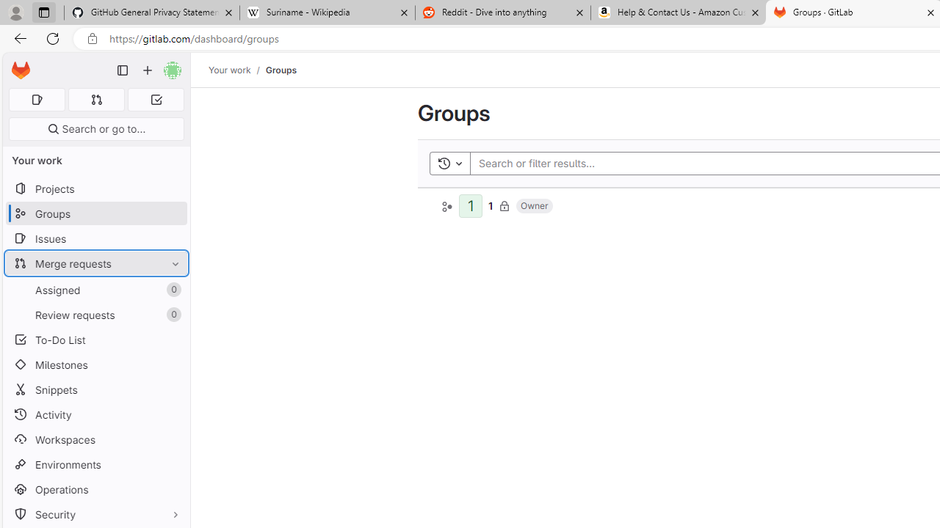 The image size is (940, 528). What do you see at coordinates (95, 340) in the screenshot?
I see `'To-Do List'` at bounding box center [95, 340].